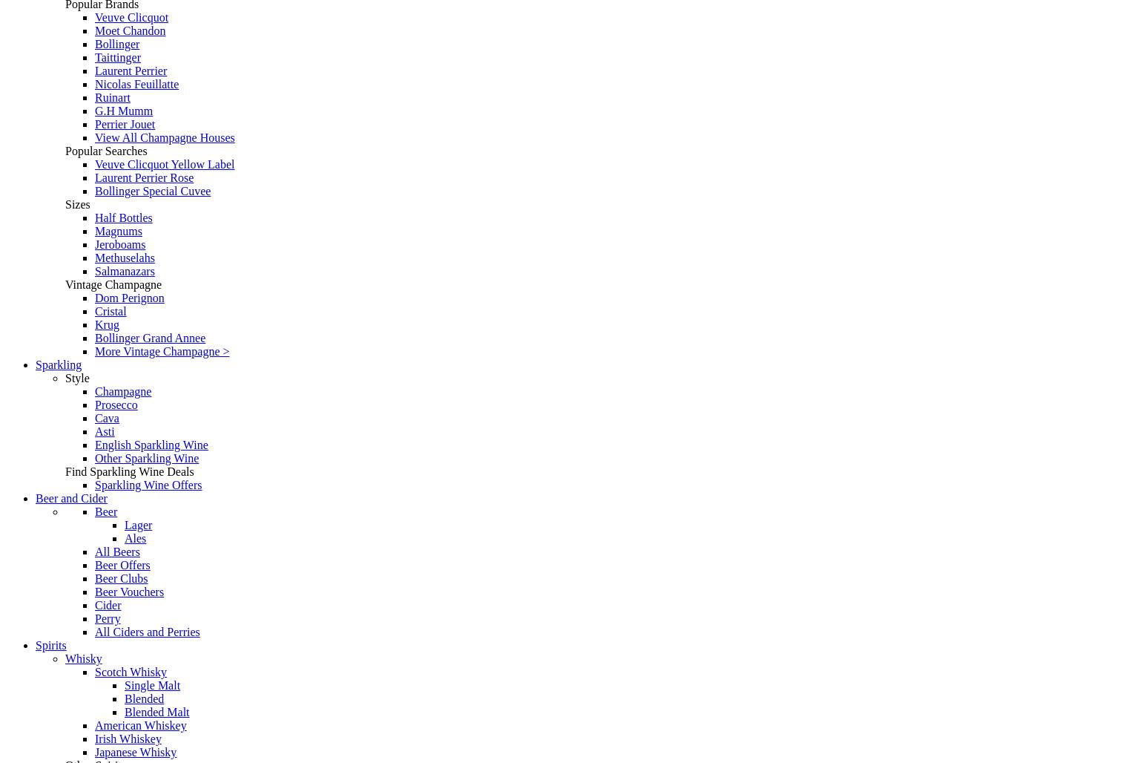 Image resolution: width=1131 pixels, height=763 pixels. Describe the element at coordinates (93, 111) in the screenshot. I see `'G.H Mumm'` at that location.